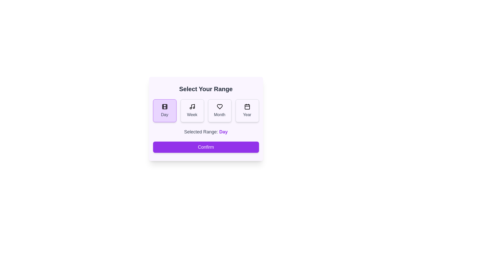 The image size is (489, 275). What do you see at coordinates (247, 106) in the screenshot?
I see `the calendar icon located within the 'Year' card in the segmented control selection interface` at bounding box center [247, 106].